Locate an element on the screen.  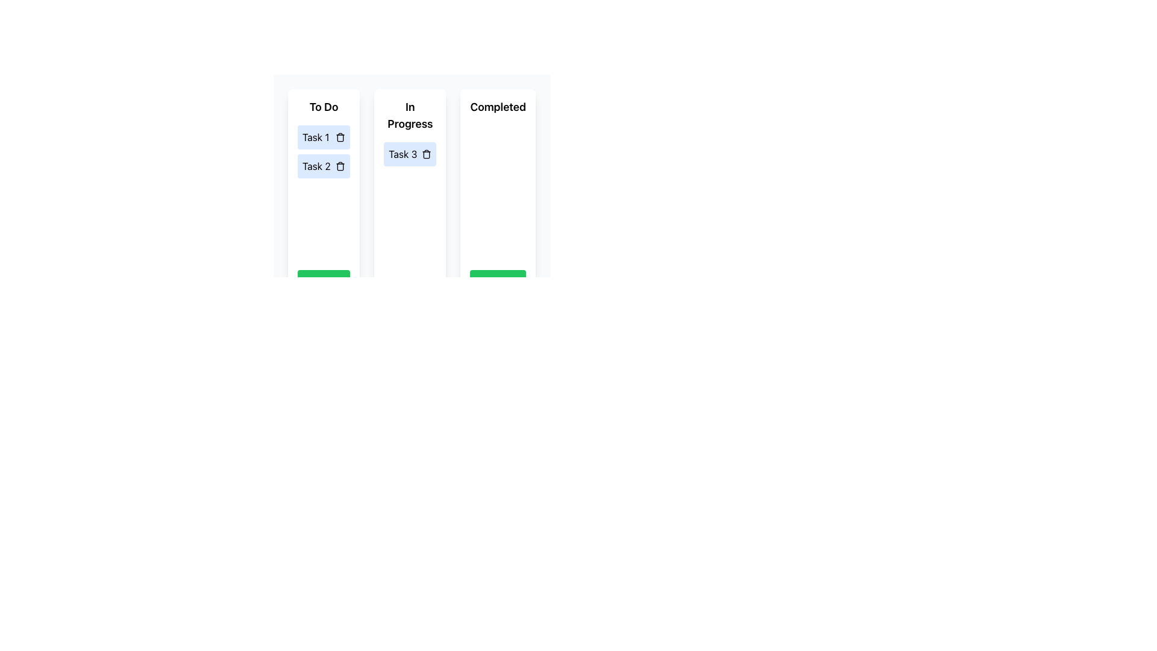
the 'Task 1' card in the 'To Do' column to focus or edit the task is located at coordinates (324, 136).